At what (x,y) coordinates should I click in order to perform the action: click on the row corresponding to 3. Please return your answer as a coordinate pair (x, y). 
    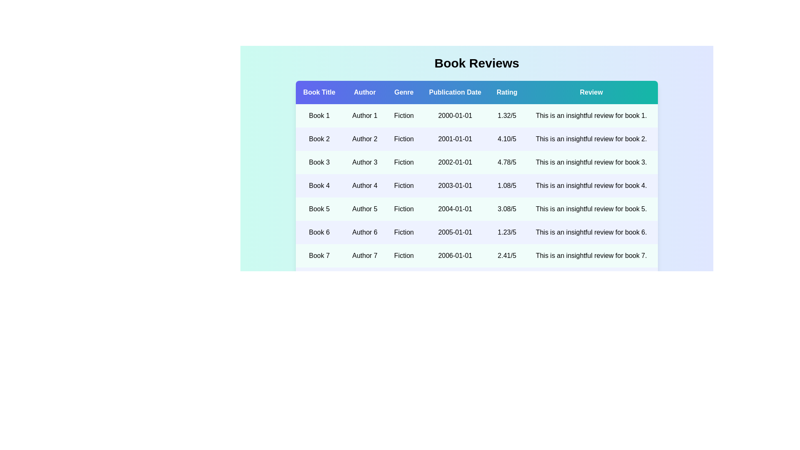
    Looking at the image, I should click on (477, 162).